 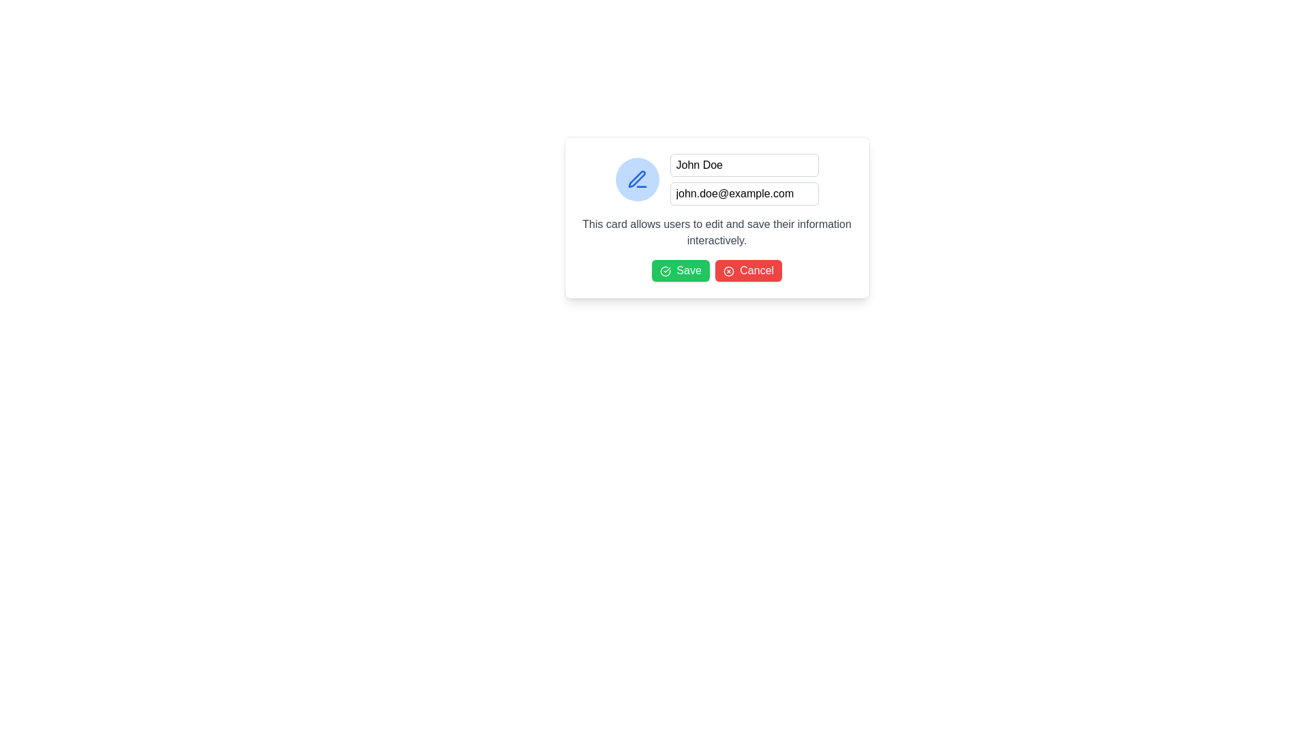 What do you see at coordinates (748, 270) in the screenshot?
I see `the cancel button located on the right side of the 'Save' button at the bottom of the card interface` at bounding box center [748, 270].